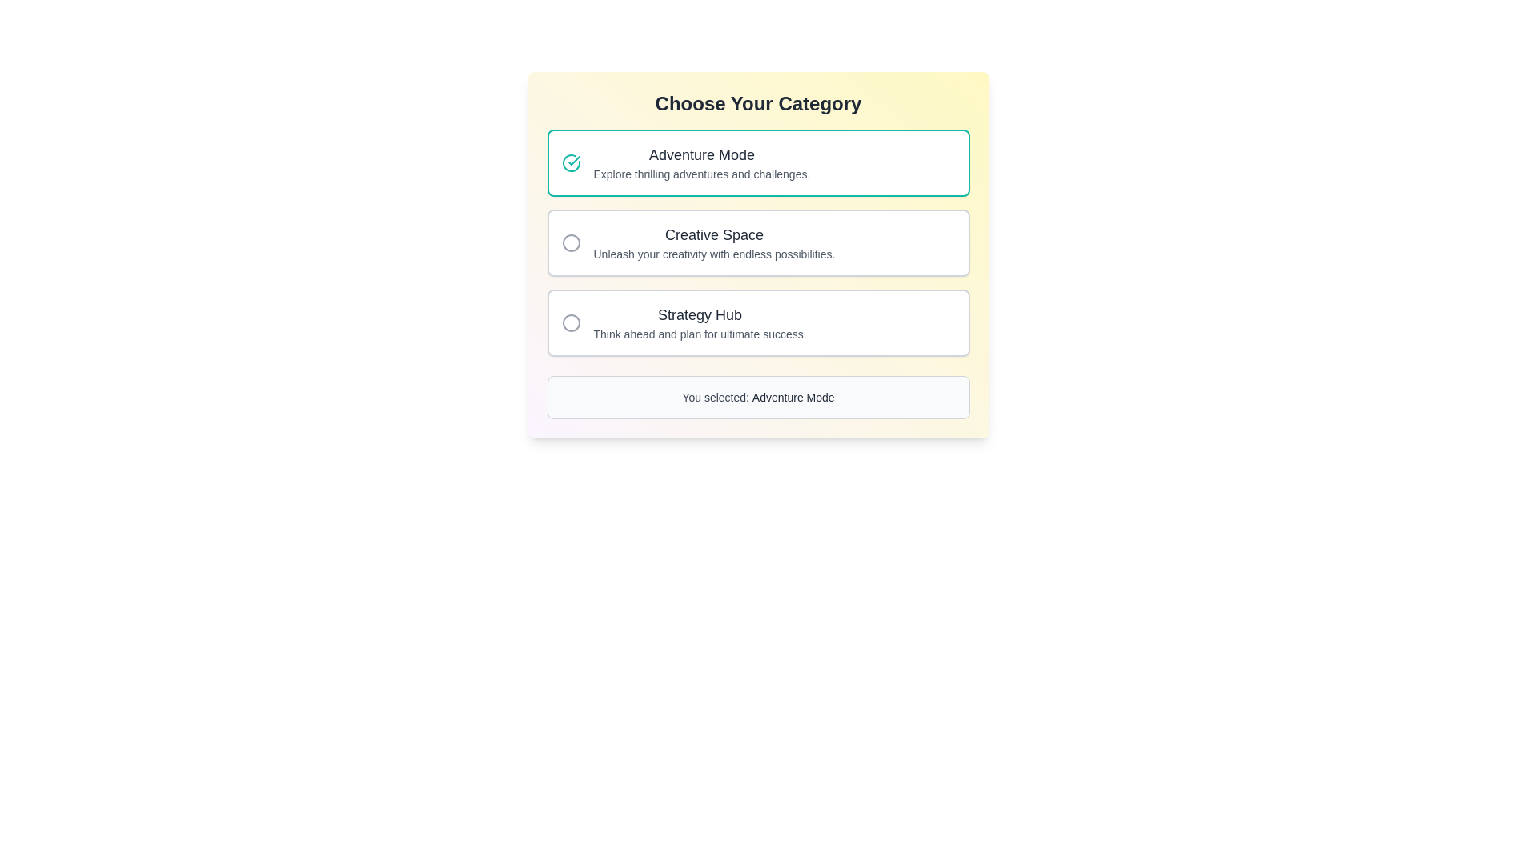 This screenshot has width=1537, height=864. What do you see at coordinates (701, 174) in the screenshot?
I see `the descriptive text element located beneath the 'Adventure Mode' title in the bordered option box under 'Choose Your Category'` at bounding box center [701, 174].